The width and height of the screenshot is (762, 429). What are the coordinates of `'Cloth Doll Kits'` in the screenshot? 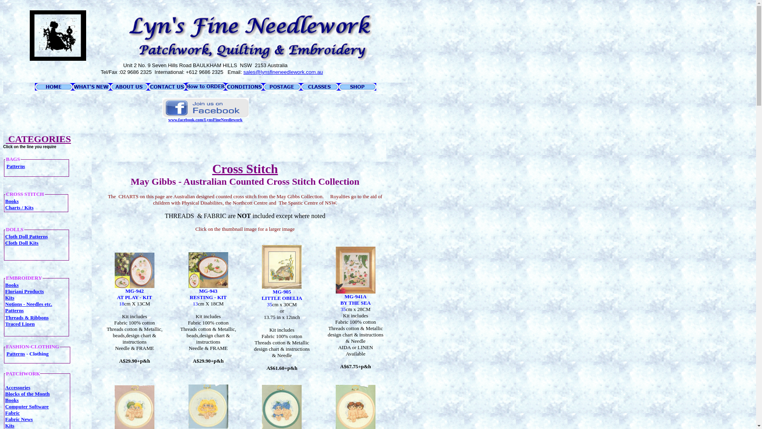 It's located at (21, 242).